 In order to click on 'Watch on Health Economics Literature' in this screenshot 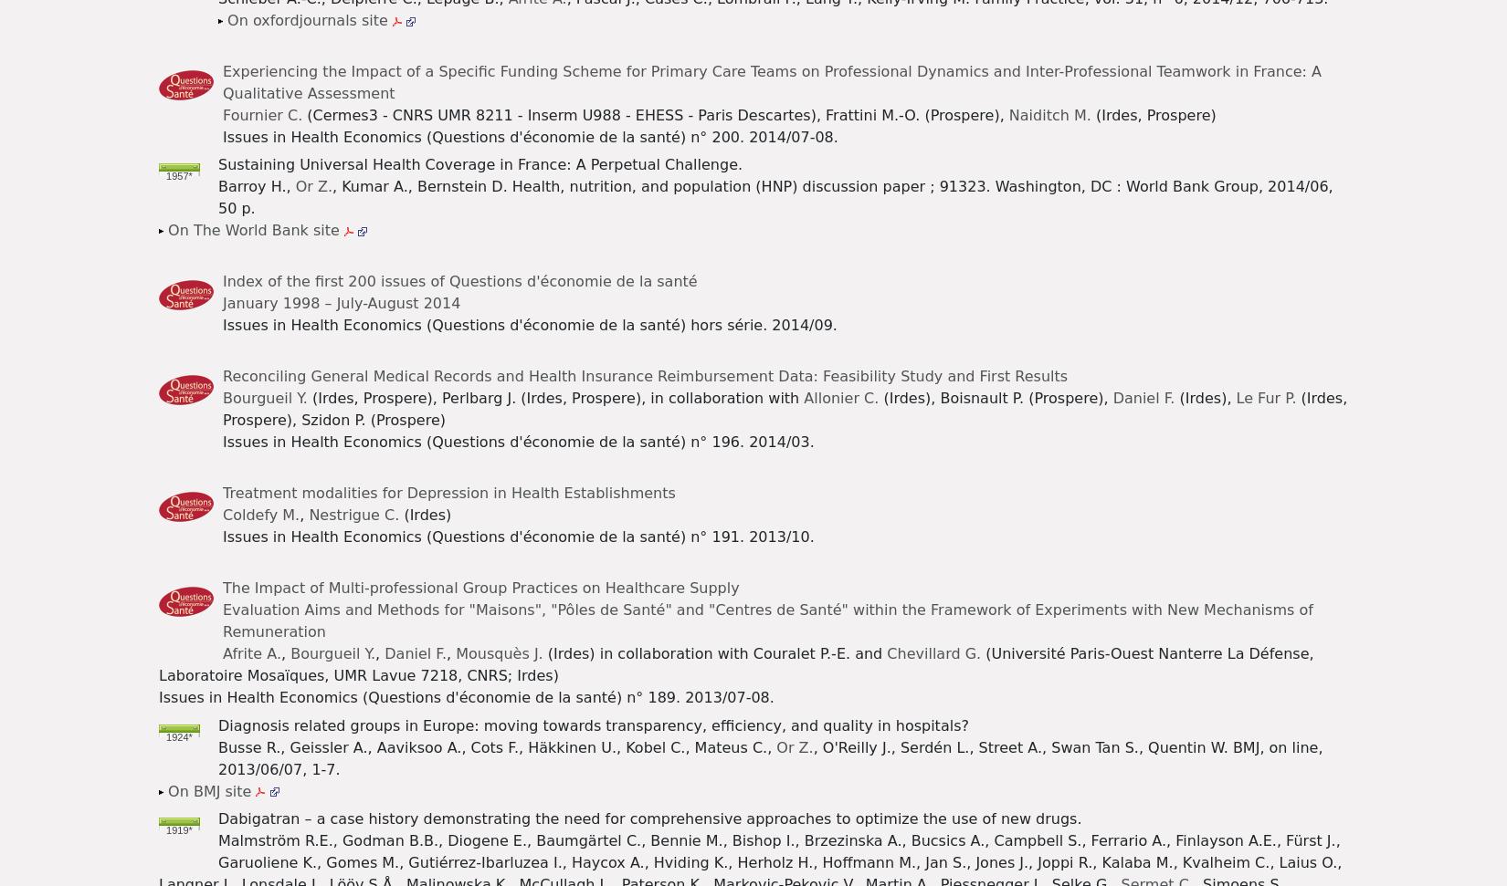, I will do `click(583, 107)`.